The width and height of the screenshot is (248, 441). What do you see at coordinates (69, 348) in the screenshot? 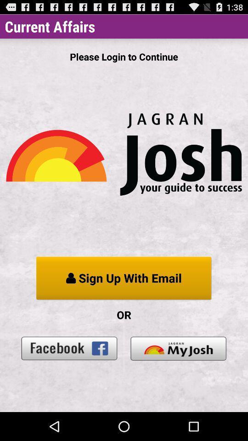
I see `the item at the bottom left corner` at bounding box center [69, 348].